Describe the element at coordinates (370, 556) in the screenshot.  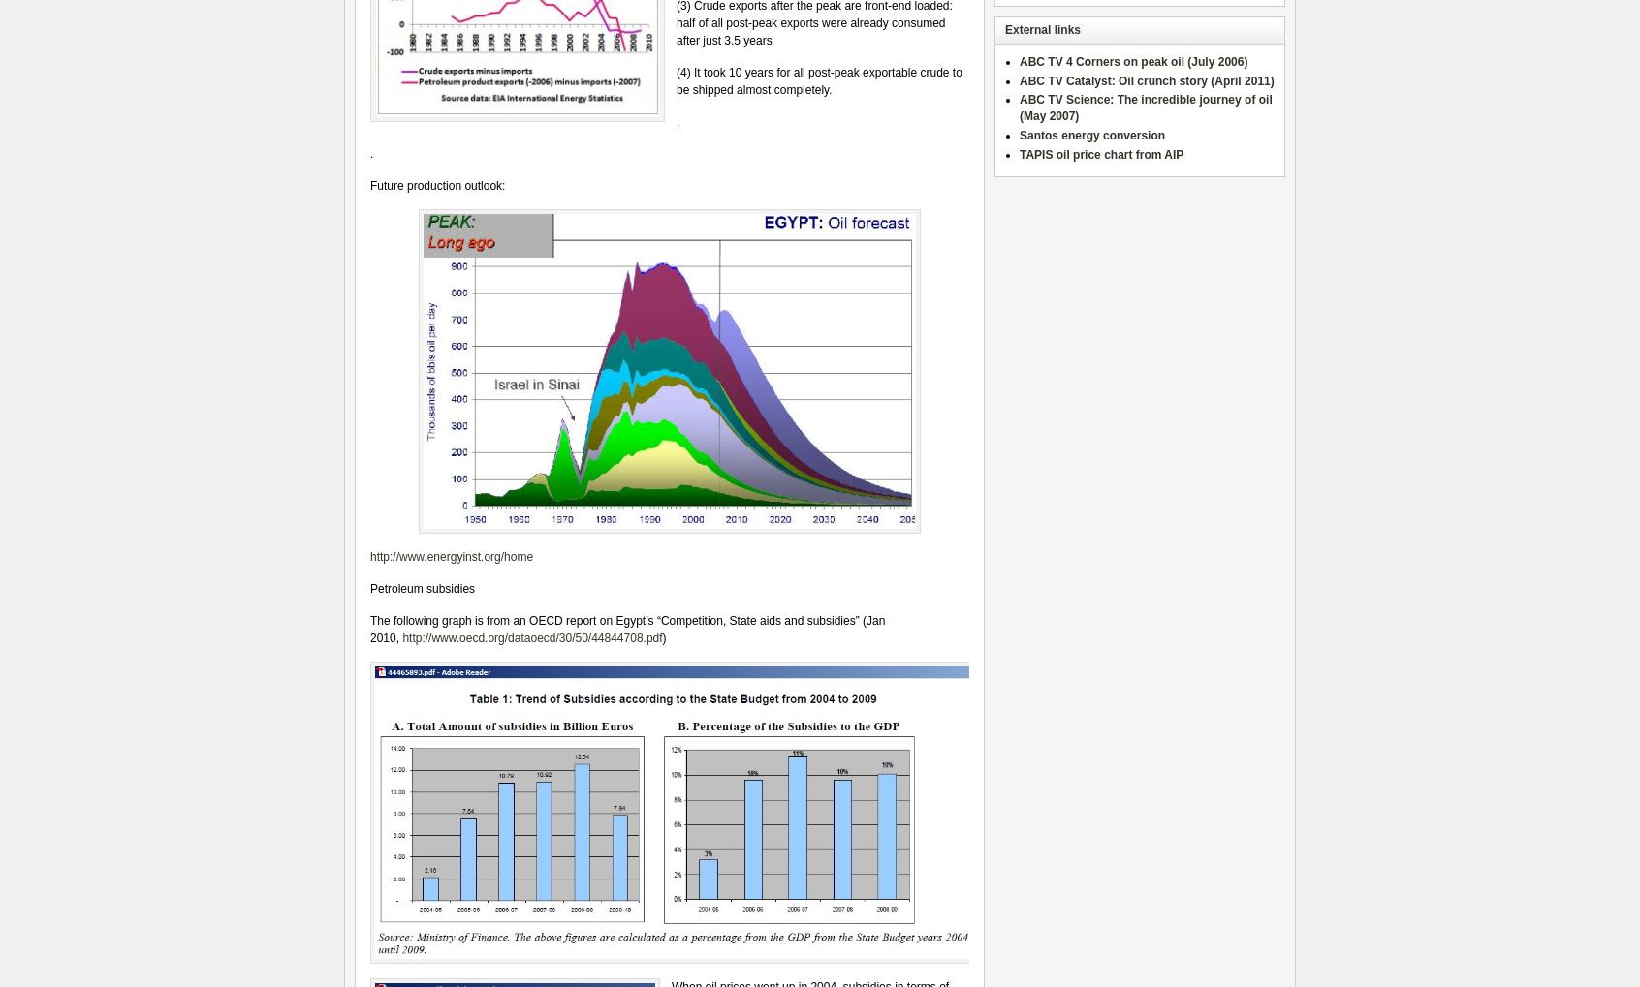
I see `'http://www.energyinst.org/home'` at that location.